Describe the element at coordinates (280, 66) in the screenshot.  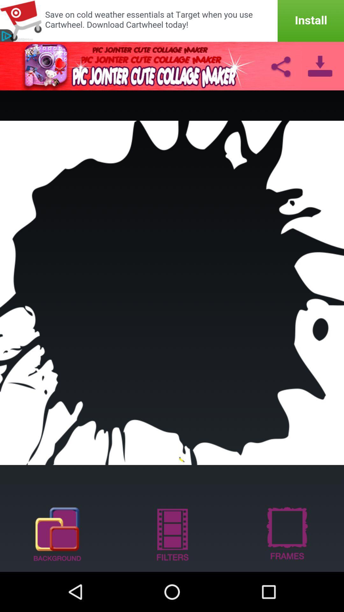
I see `share image` at that location.